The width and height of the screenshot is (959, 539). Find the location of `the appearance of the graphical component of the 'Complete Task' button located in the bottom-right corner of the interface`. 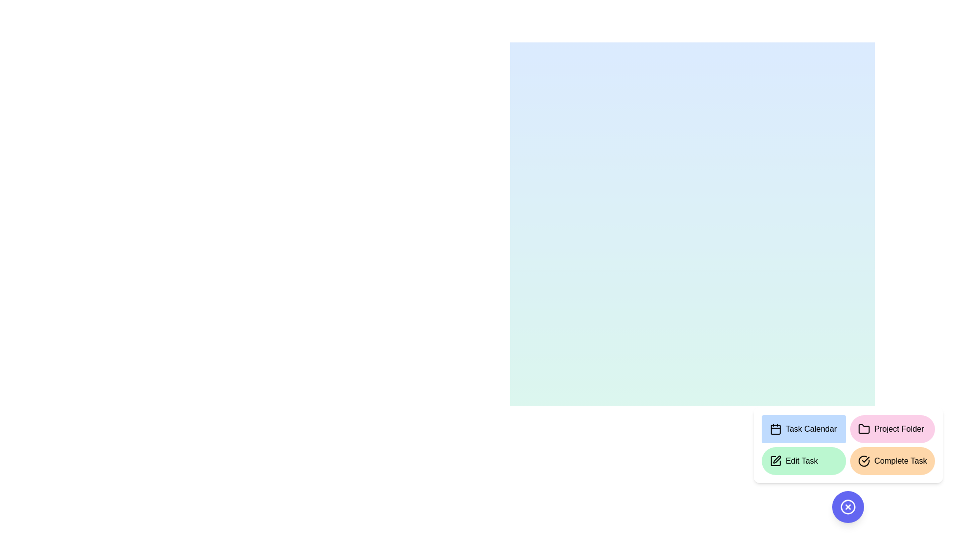

the appearance of the graphical component of the 'Complete Task' button located in the bottom-right corner of the interface is located at coordinates (864, 461).